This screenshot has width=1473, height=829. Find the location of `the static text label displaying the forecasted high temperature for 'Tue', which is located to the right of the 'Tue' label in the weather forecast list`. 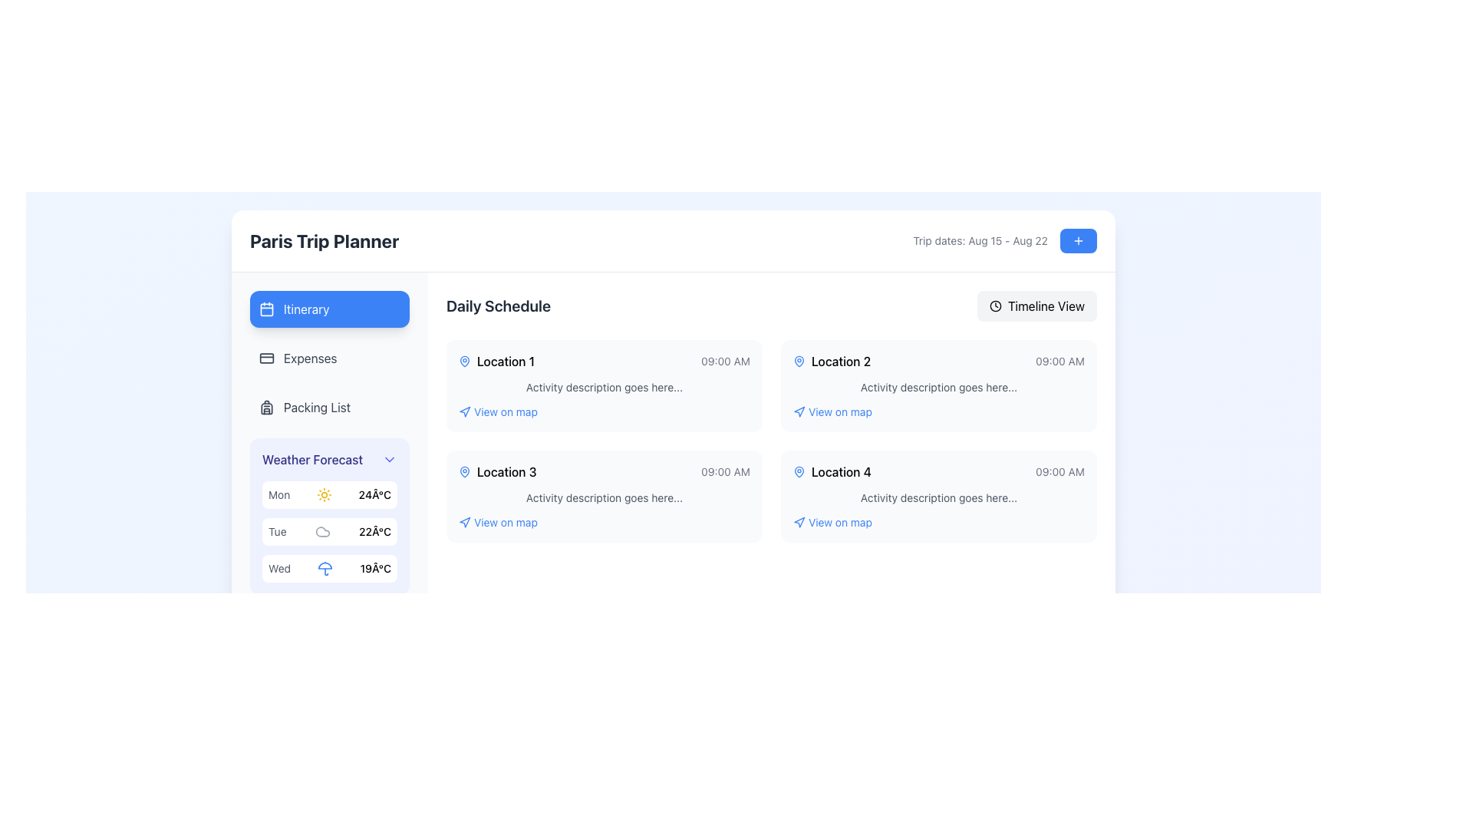

the static text label displaying the forecasted high temperature for 'Tue', which is located to the right of the 'Tue' label in the weather forecast list is located at coordinates (375, 531).